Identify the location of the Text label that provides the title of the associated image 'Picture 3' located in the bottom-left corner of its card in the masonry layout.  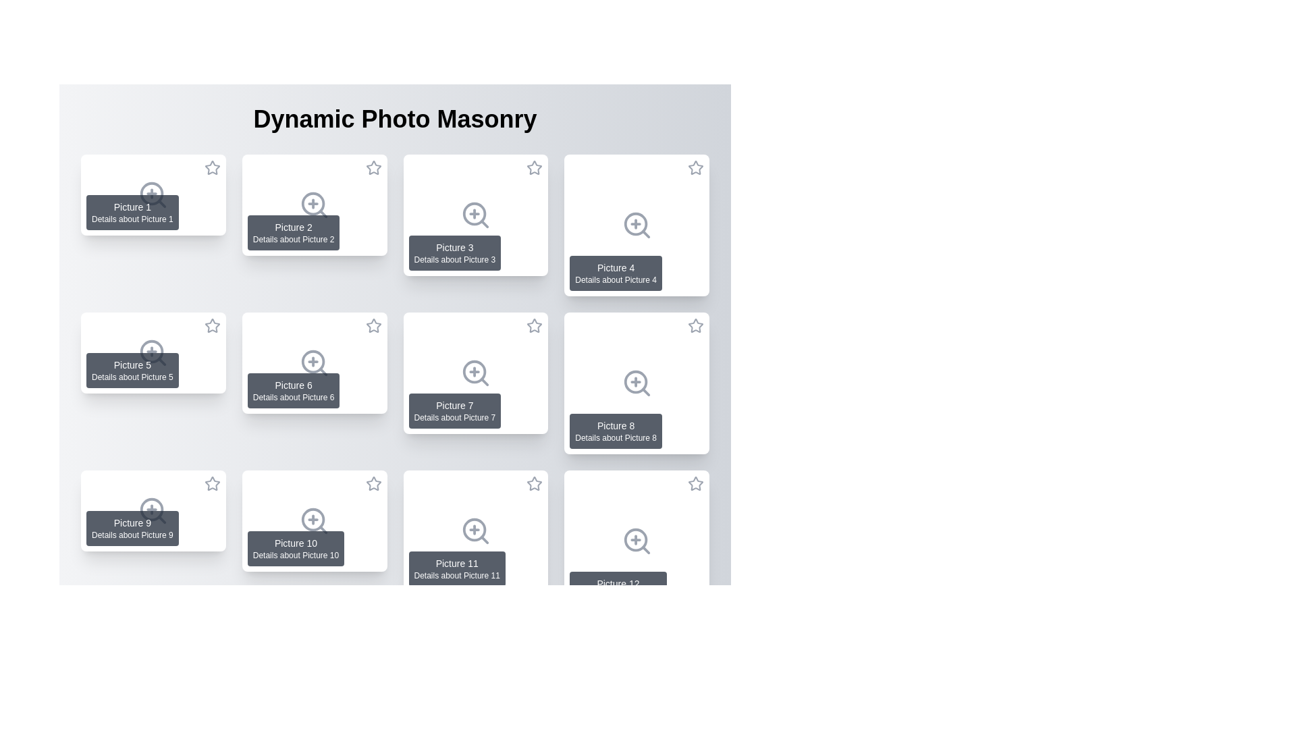
(454, 247).